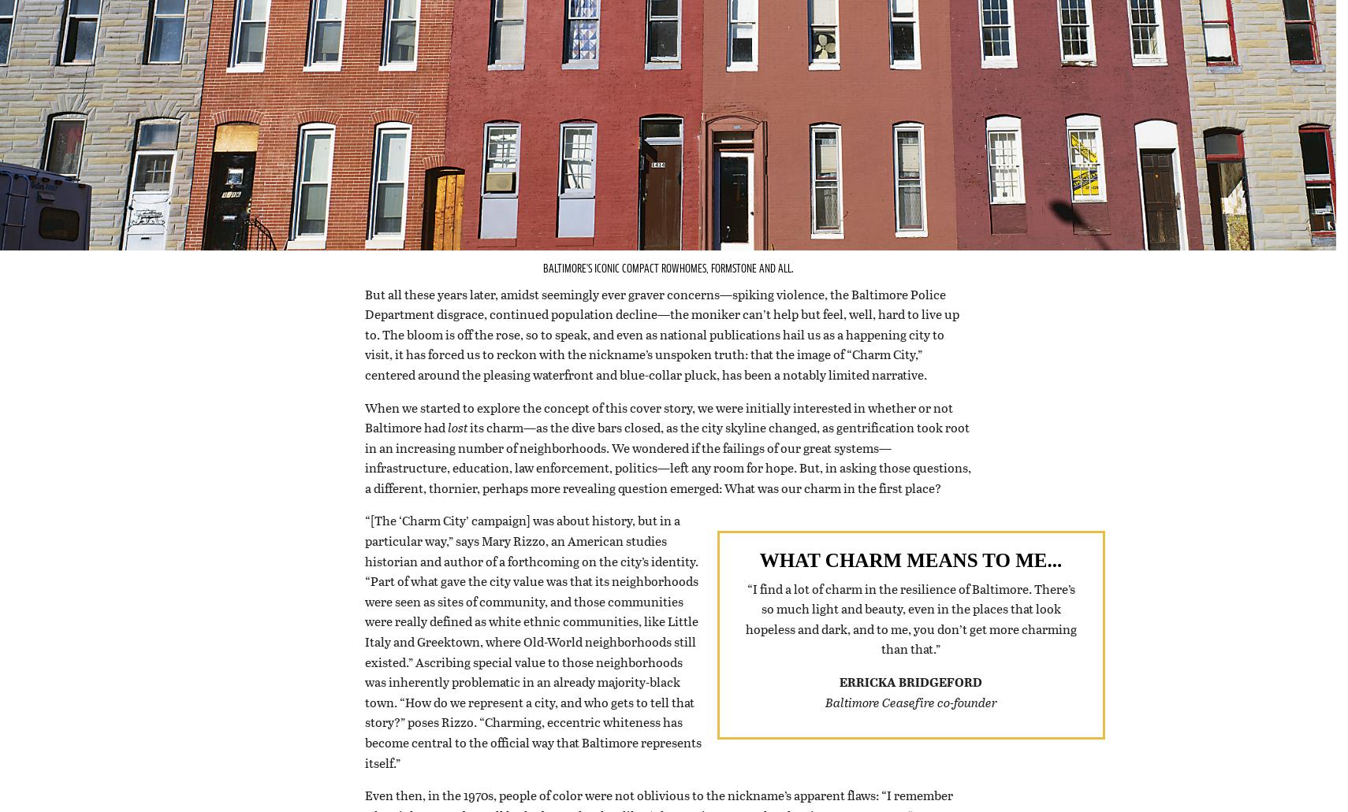 This screenshot has height=812, width=1348. What do you see at coordinates (657, 436) in the screenshot?
I see `'When we started to explore the concept of this cover story, we were initially interested in whether or not Baltimore had'` at bounding box center [657, 436].